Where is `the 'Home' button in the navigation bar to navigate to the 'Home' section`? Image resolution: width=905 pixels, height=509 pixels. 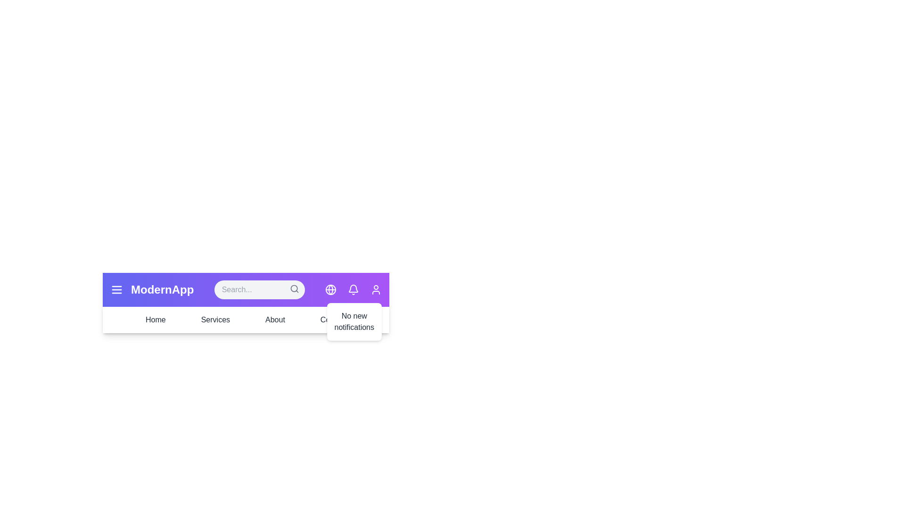 the 'Home' button in the navigation bar to navigate to the 'Home' section is located at coordinates (156, 319).